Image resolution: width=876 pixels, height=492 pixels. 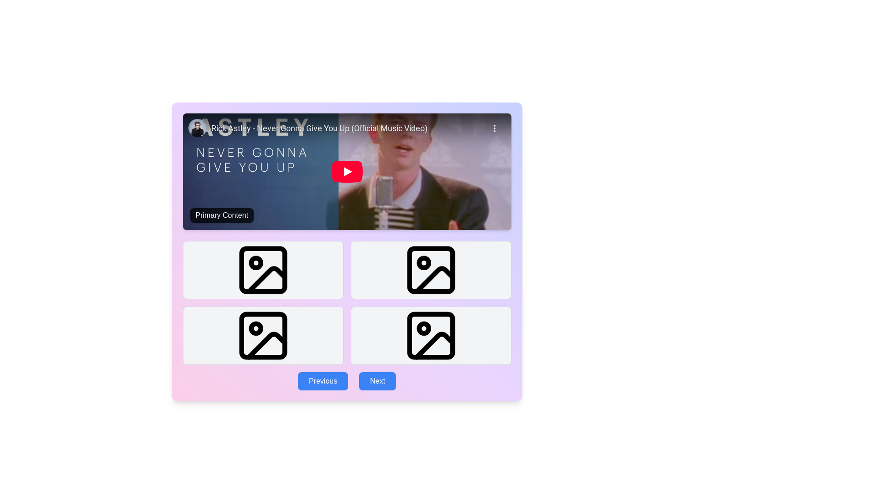 What do you see at coordinates (262, 335) in the screenshot?
I see `the image placeholder located at the bottom left corner of a grid layout, which is the third element in a two-row, two-column arrangement` at bounding box center [262, 335].